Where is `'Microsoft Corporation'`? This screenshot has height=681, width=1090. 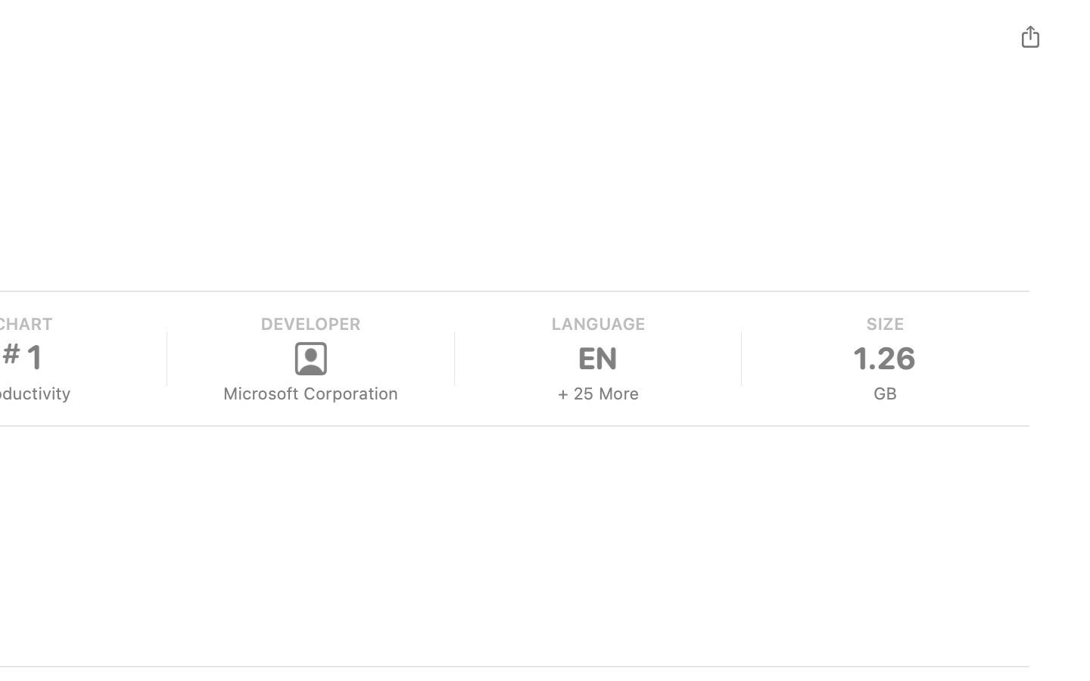 'Microsoft Corporation' is located at coordinates (308, 393).